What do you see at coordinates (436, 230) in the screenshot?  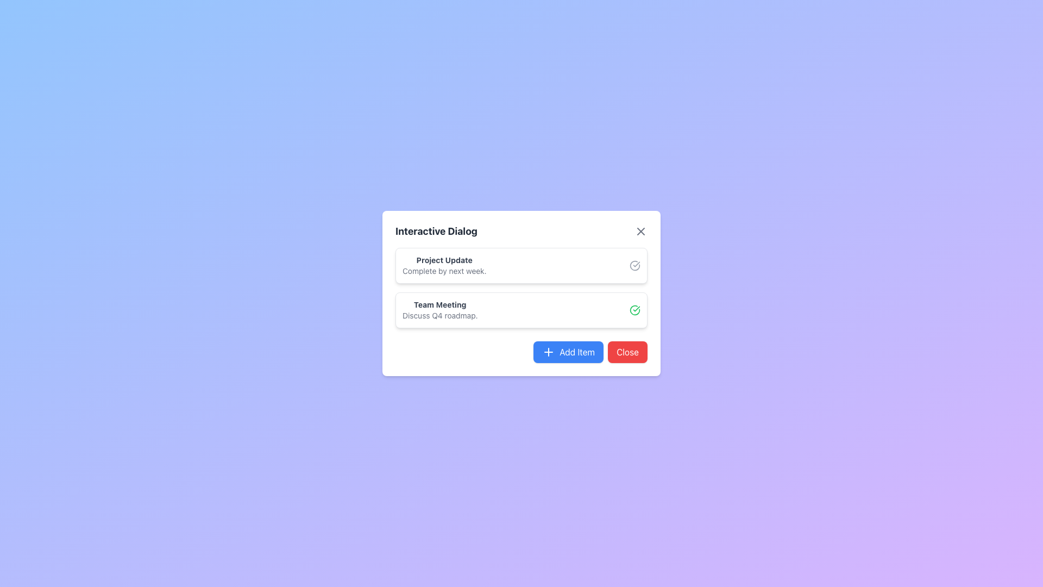 I see `the Text Label that displays the title or heading of the dialog box, located on the left side above 'Project Update' and 'Team Meeting'` at bounding box center [436, 230].